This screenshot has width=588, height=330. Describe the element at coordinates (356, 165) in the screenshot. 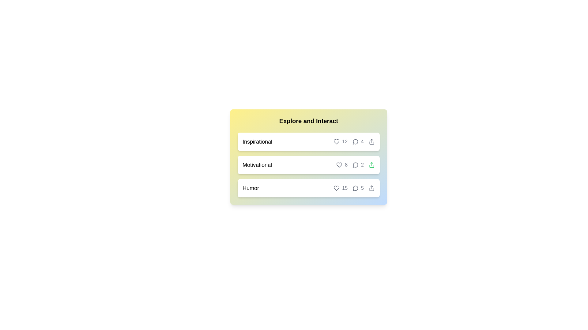

I see `the 'message' button for the chip labeled Motivational` at that location.